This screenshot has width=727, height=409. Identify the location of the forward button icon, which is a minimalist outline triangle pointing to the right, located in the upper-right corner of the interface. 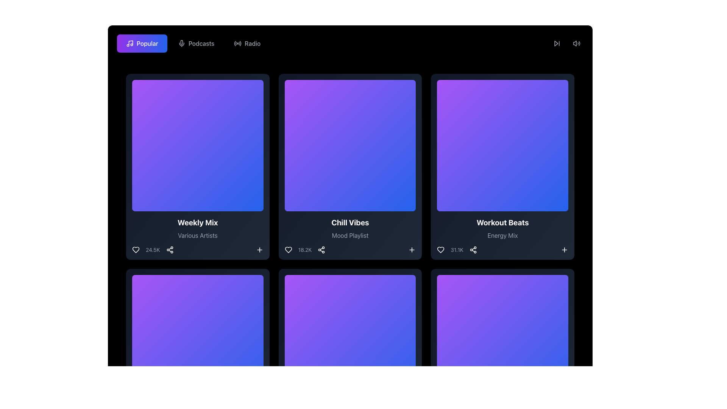
(557, 44).